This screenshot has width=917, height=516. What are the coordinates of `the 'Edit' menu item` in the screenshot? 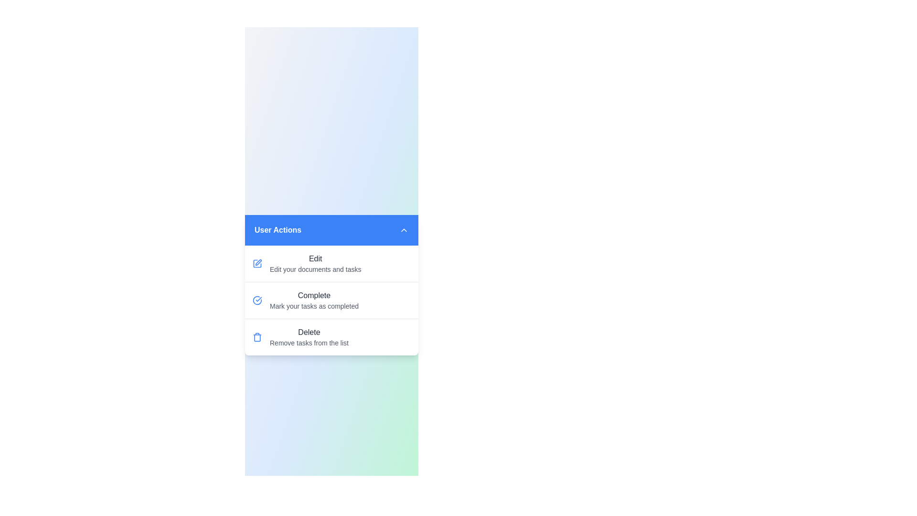 It's located at (331, 263).